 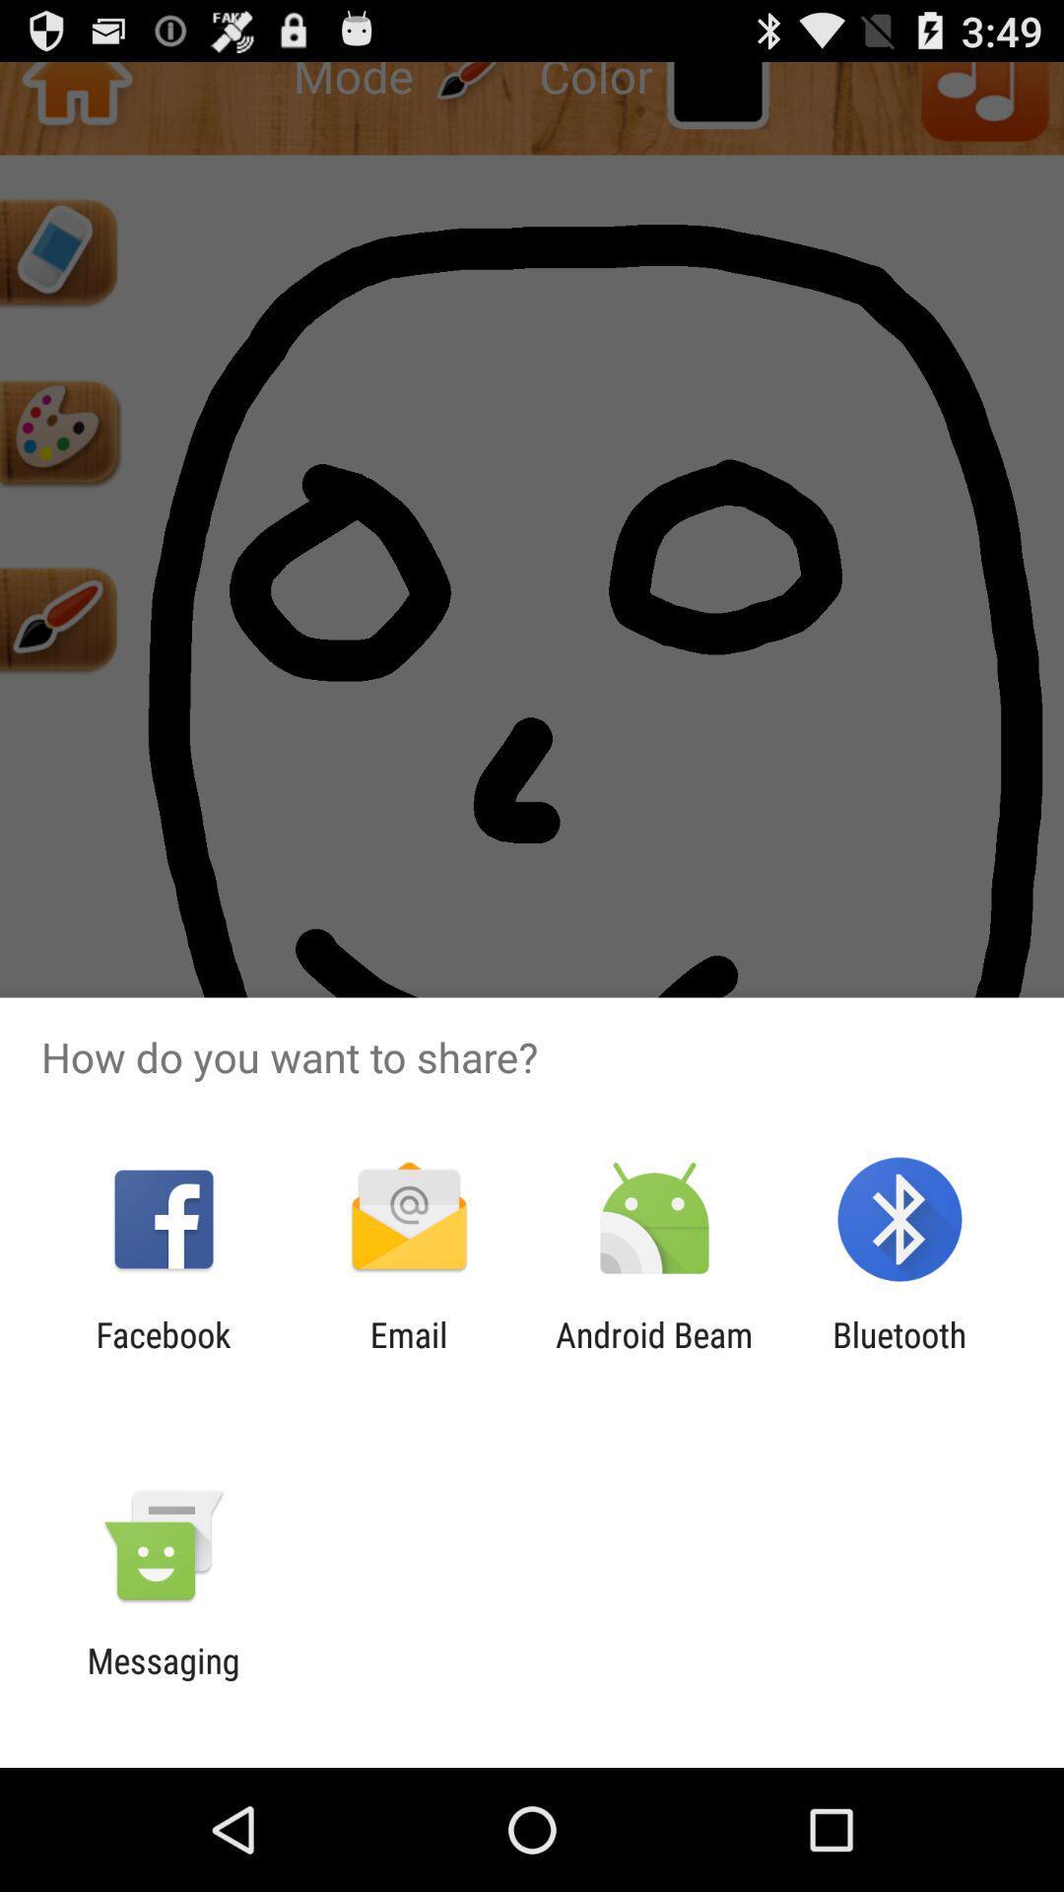 What do you see at coordinates (654, 1354) in the screenshot?
I see `app next to bluetooth icon` at bounding box center [654, 1354].